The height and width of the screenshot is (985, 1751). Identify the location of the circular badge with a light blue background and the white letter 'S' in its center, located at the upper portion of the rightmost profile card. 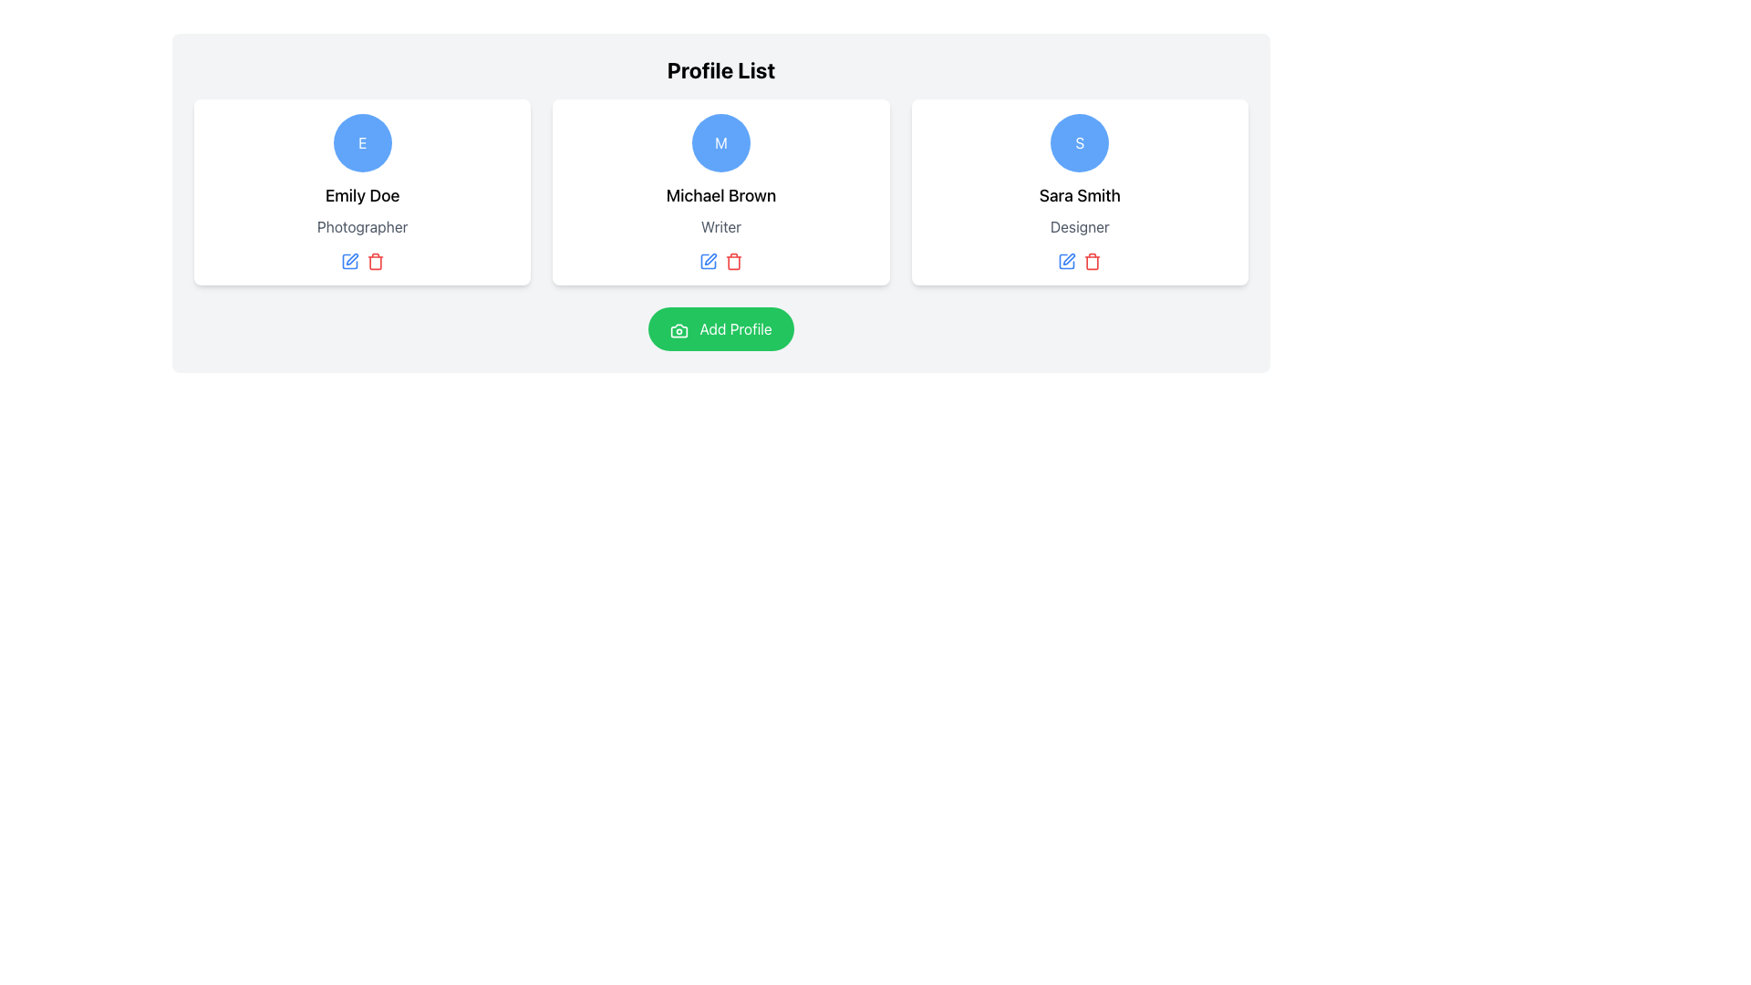
(1080, 142).